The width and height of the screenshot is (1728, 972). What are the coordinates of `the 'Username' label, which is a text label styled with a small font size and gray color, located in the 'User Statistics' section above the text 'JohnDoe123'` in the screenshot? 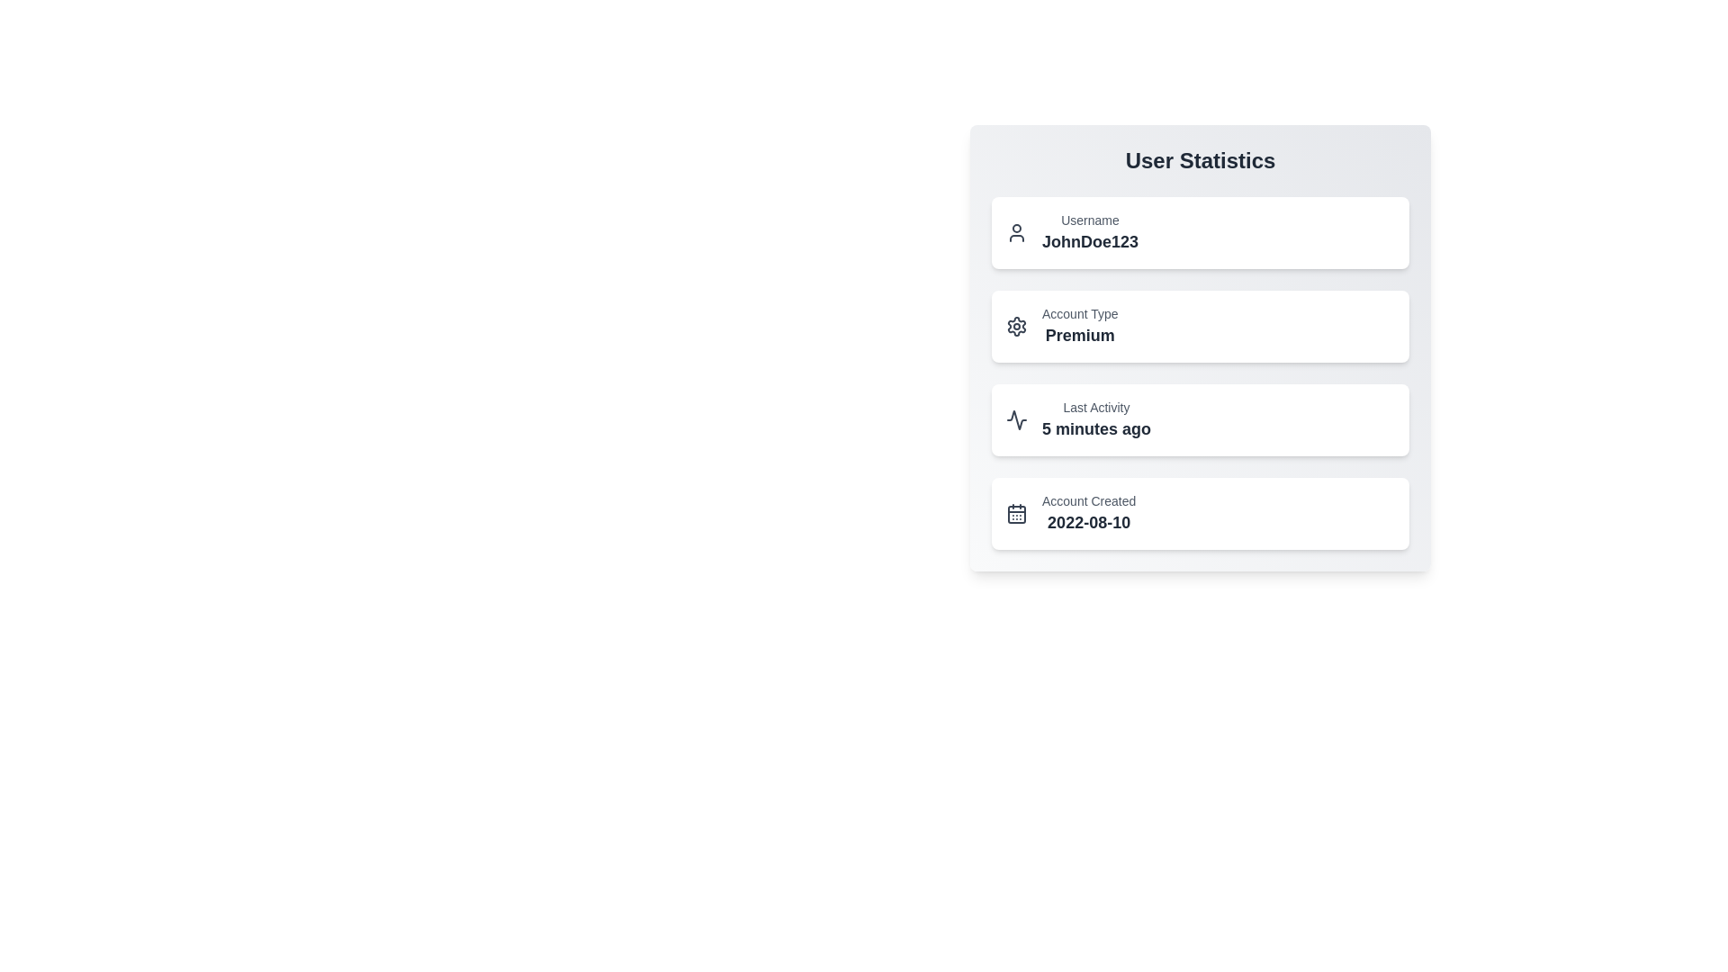 It's located at (1089, 220).